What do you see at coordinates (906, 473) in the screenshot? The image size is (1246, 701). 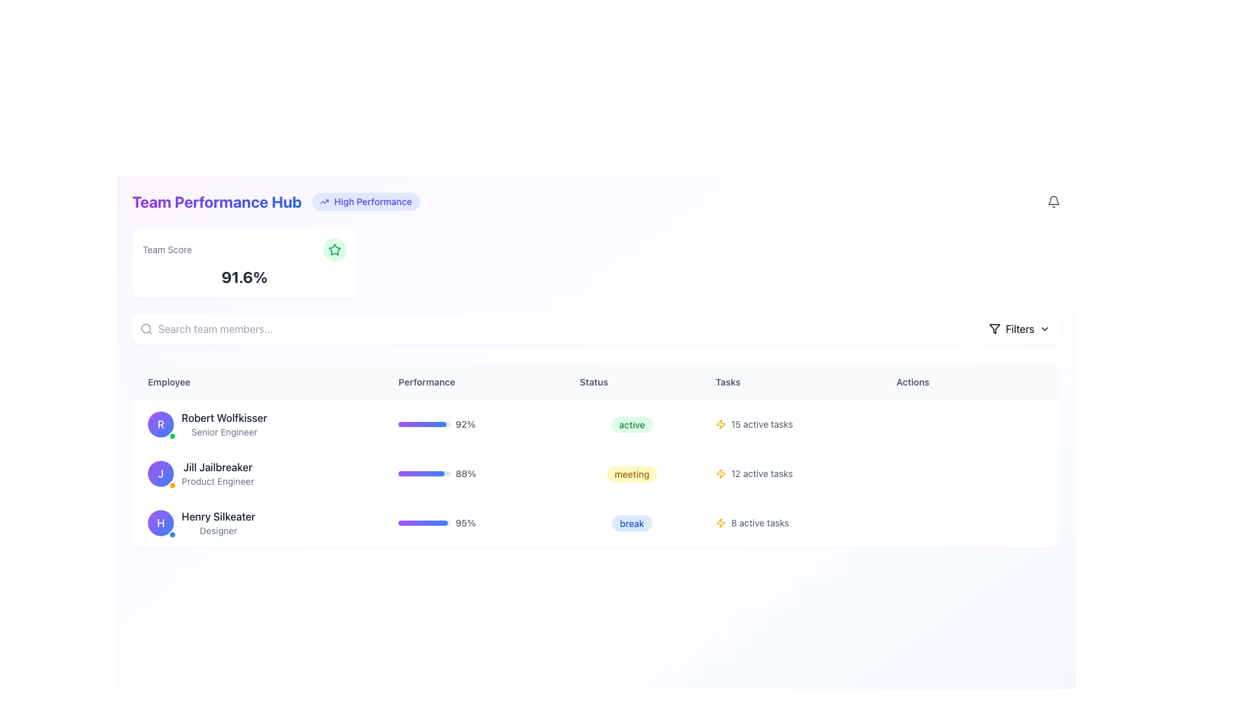 I see `the first action button in the 'Actions' column next to Jill Jailbreaker's task information` at bounding box center [906, 473].